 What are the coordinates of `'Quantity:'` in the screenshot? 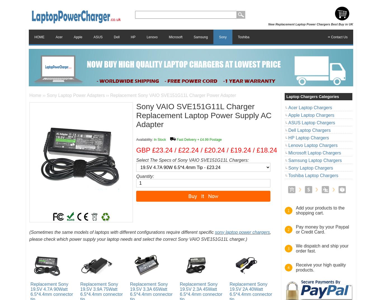 It's located at (136, 176).